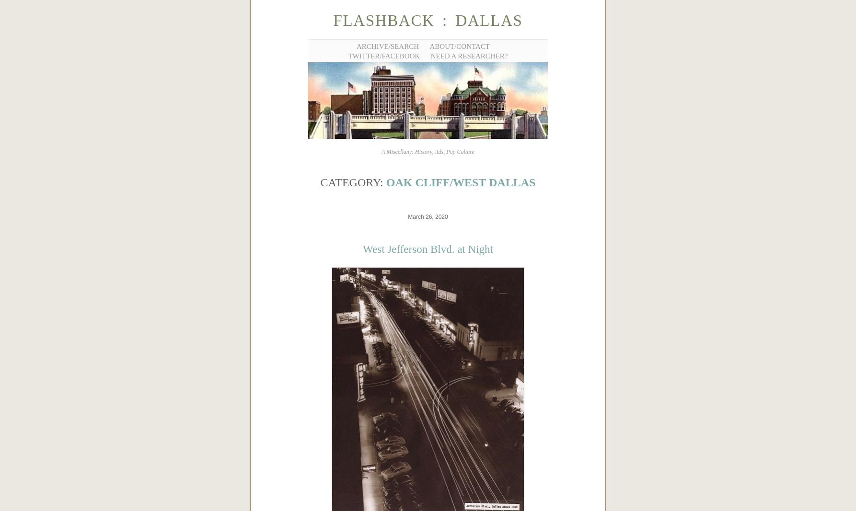  I want to click on 'Category:', so click(353, 182).